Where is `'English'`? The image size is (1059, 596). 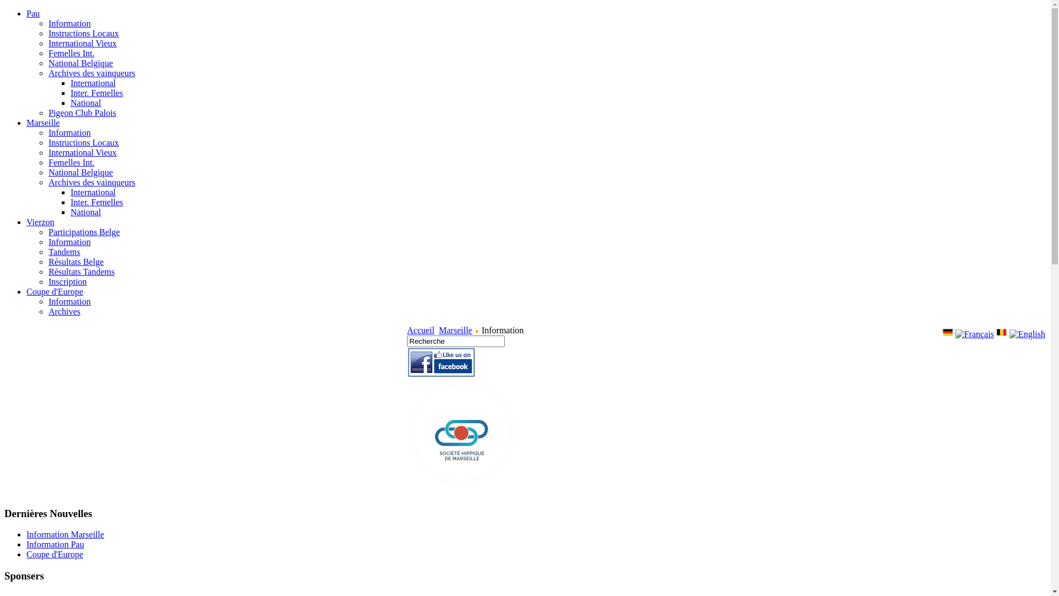
'English' is located at coordinates (1026, 333).